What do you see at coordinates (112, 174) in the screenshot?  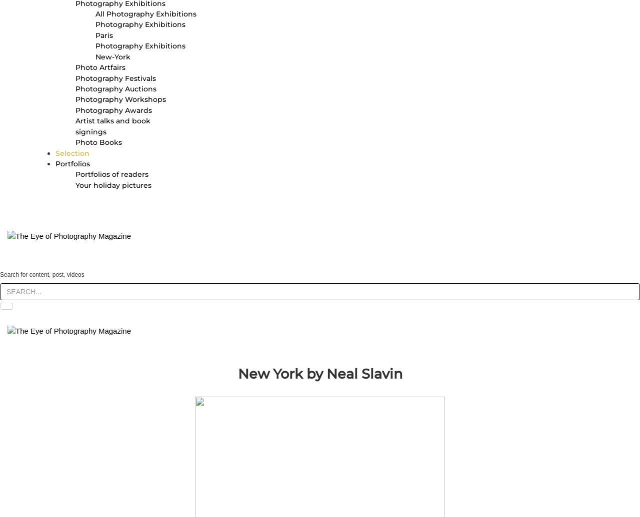 I see `'Portfolios of readers'` at bounding box center [112, 174].